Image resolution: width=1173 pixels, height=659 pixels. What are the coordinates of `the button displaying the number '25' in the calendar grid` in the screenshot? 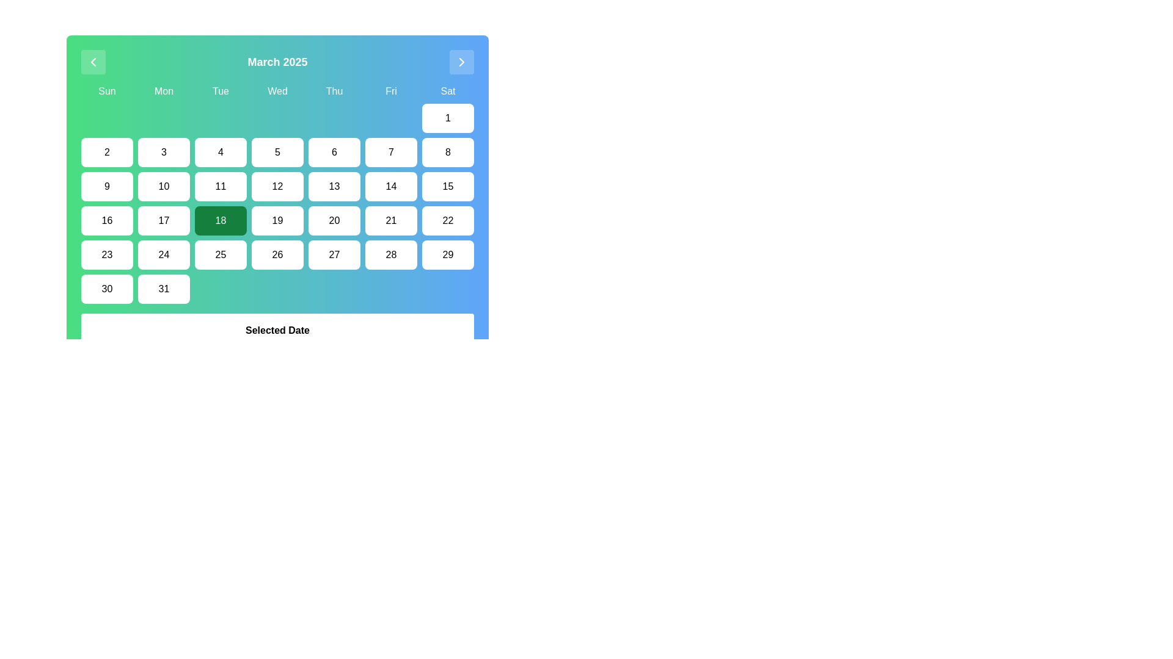 It's located at (221, 254).